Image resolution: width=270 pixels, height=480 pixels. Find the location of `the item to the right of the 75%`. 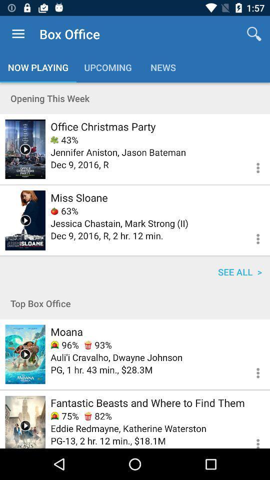

the item to the right of the 75% is located at coordinates (98, 416).